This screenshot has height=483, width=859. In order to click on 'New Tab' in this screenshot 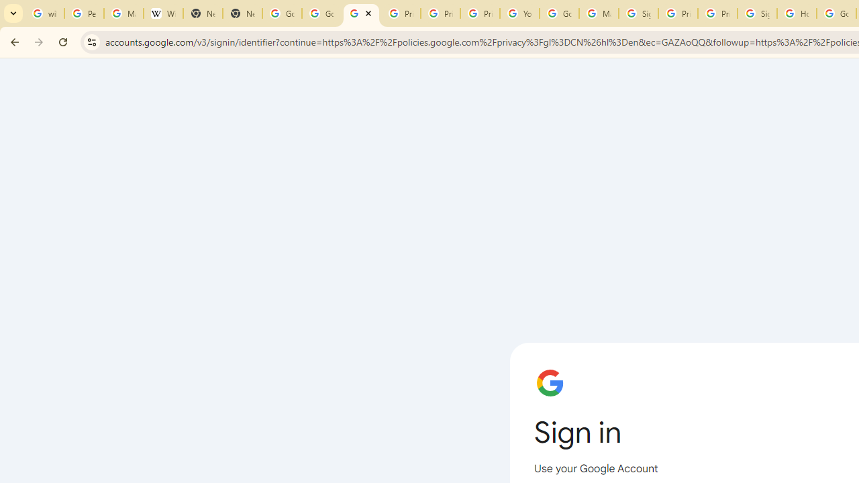, I will do `click(242, 13)`.